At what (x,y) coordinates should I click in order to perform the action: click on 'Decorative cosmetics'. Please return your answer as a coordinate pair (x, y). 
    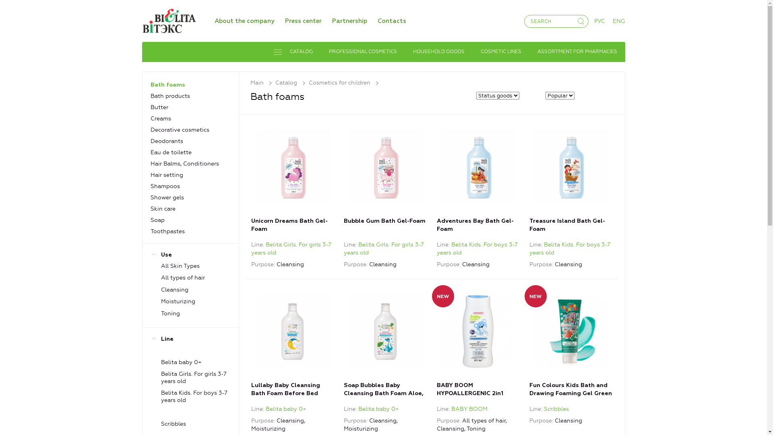
    Looking at the image, I should click on (179, 129).